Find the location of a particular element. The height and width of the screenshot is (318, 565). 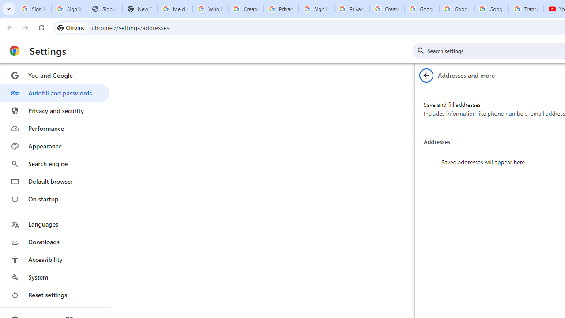

'You and Google' is located at coordinates (54, 75).